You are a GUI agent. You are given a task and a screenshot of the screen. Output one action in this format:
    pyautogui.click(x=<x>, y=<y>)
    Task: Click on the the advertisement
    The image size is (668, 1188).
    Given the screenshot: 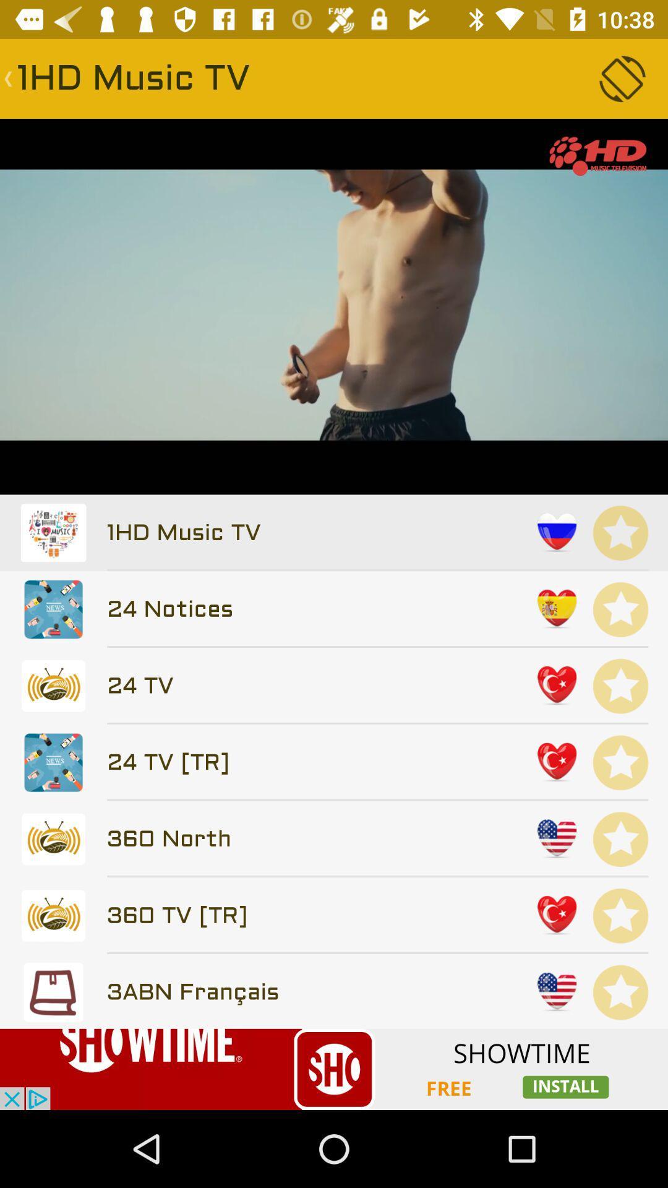 What is the action you would take?
    pyautogui.click(x=334, y=1069)
    